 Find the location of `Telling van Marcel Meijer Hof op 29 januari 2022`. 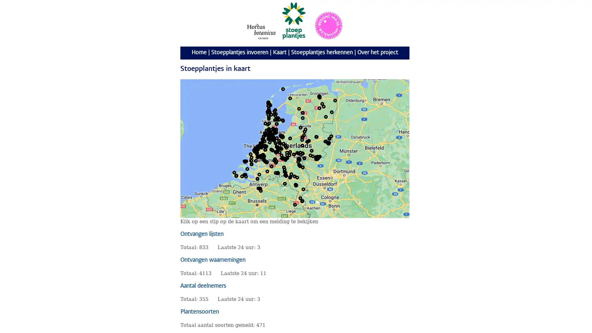

Telling van Marcel Meijer Hof op 29 januari 2022 is located at coordinates (328, 143).